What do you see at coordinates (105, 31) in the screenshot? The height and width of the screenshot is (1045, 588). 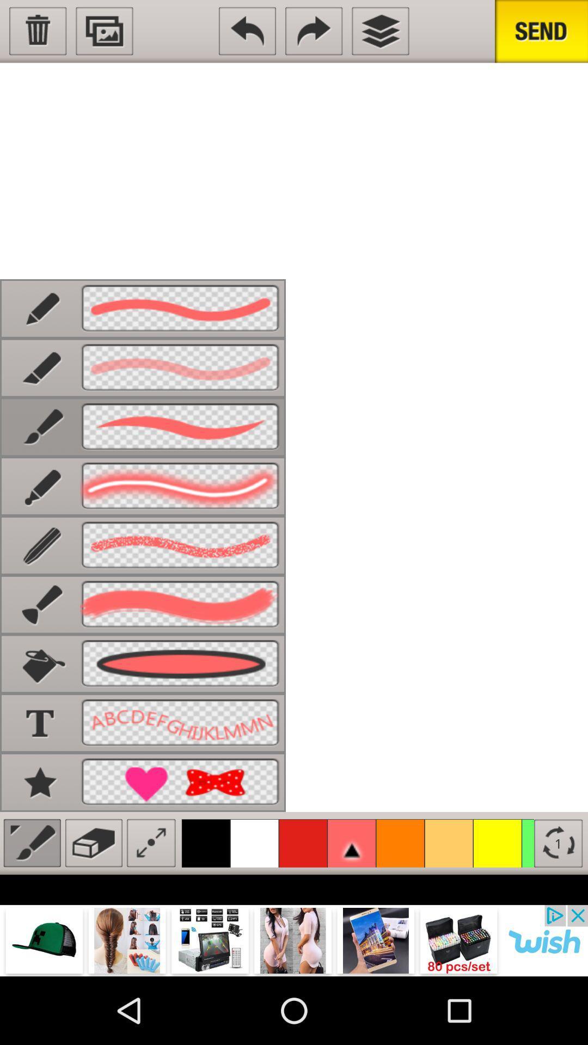 I see `picture selection` at bounding box center [105, 31].